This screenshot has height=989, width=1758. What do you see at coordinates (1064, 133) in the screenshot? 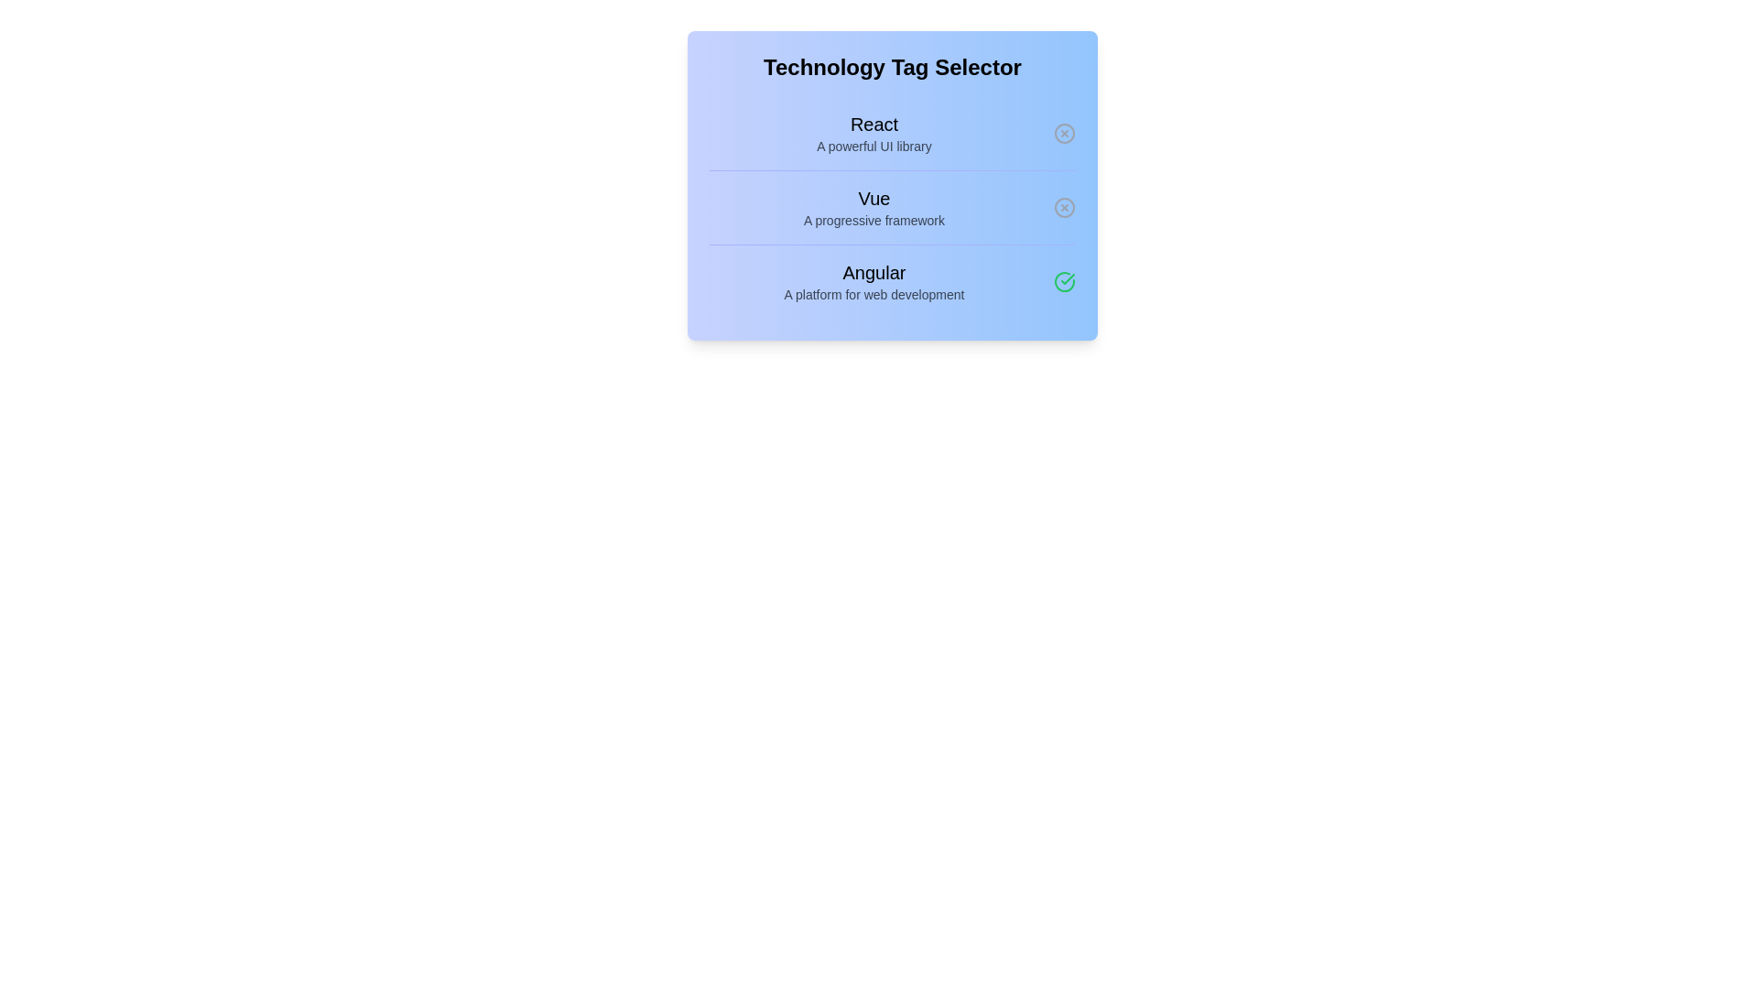
I see `the tag React by clicking its corresponding button` at bounding box center [1064, 133].